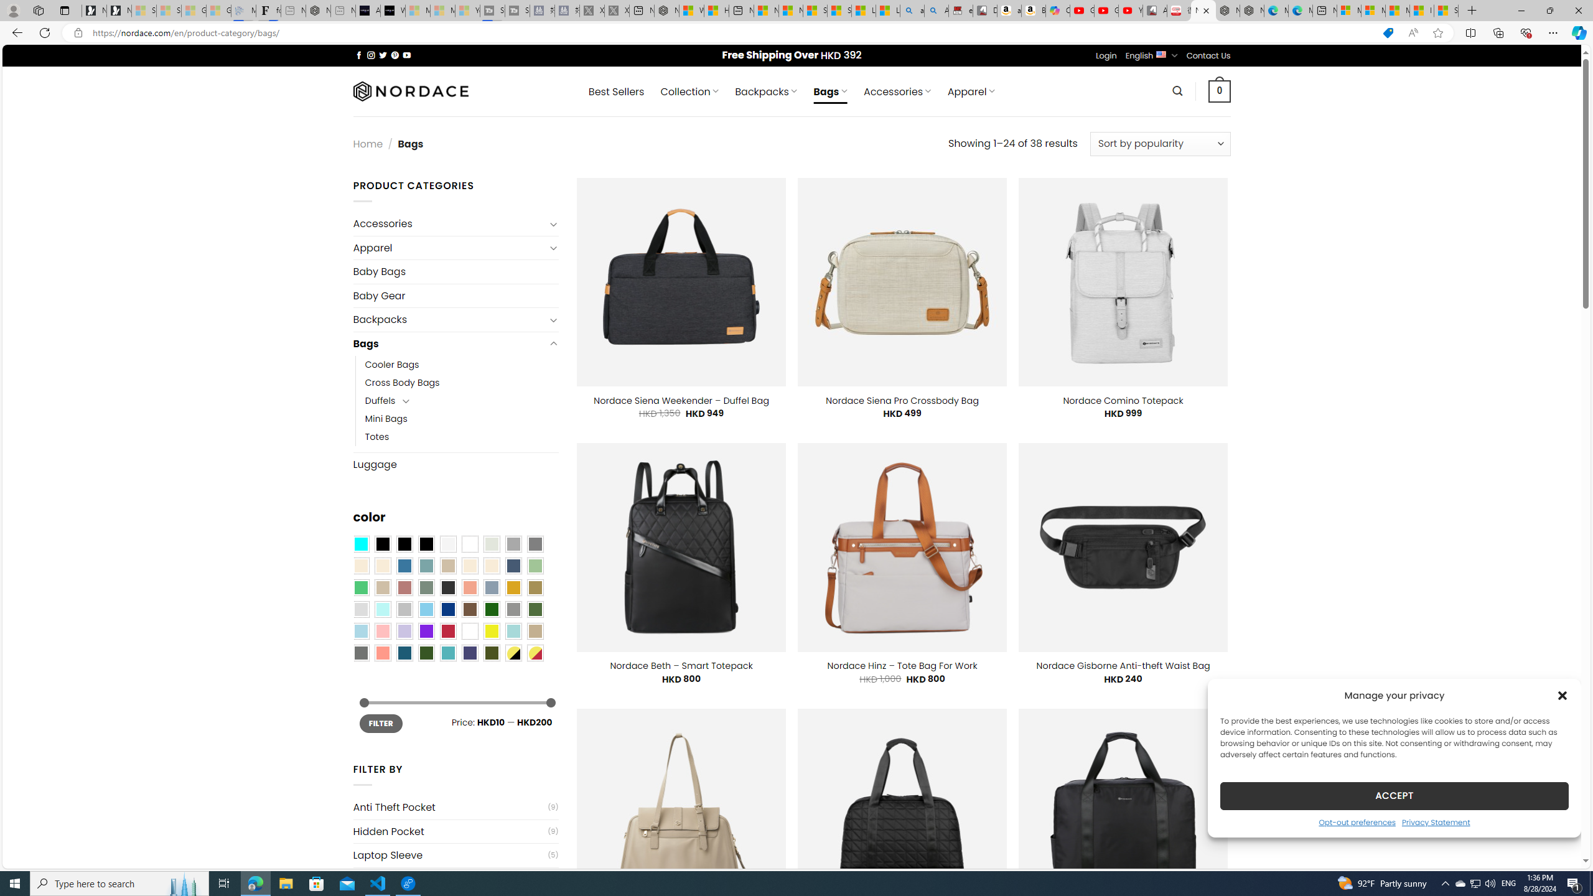  What do you see at coordinates (1159, 143) in the screenshot?
I see `'Shop order'` at bounding box center [1159, 143].